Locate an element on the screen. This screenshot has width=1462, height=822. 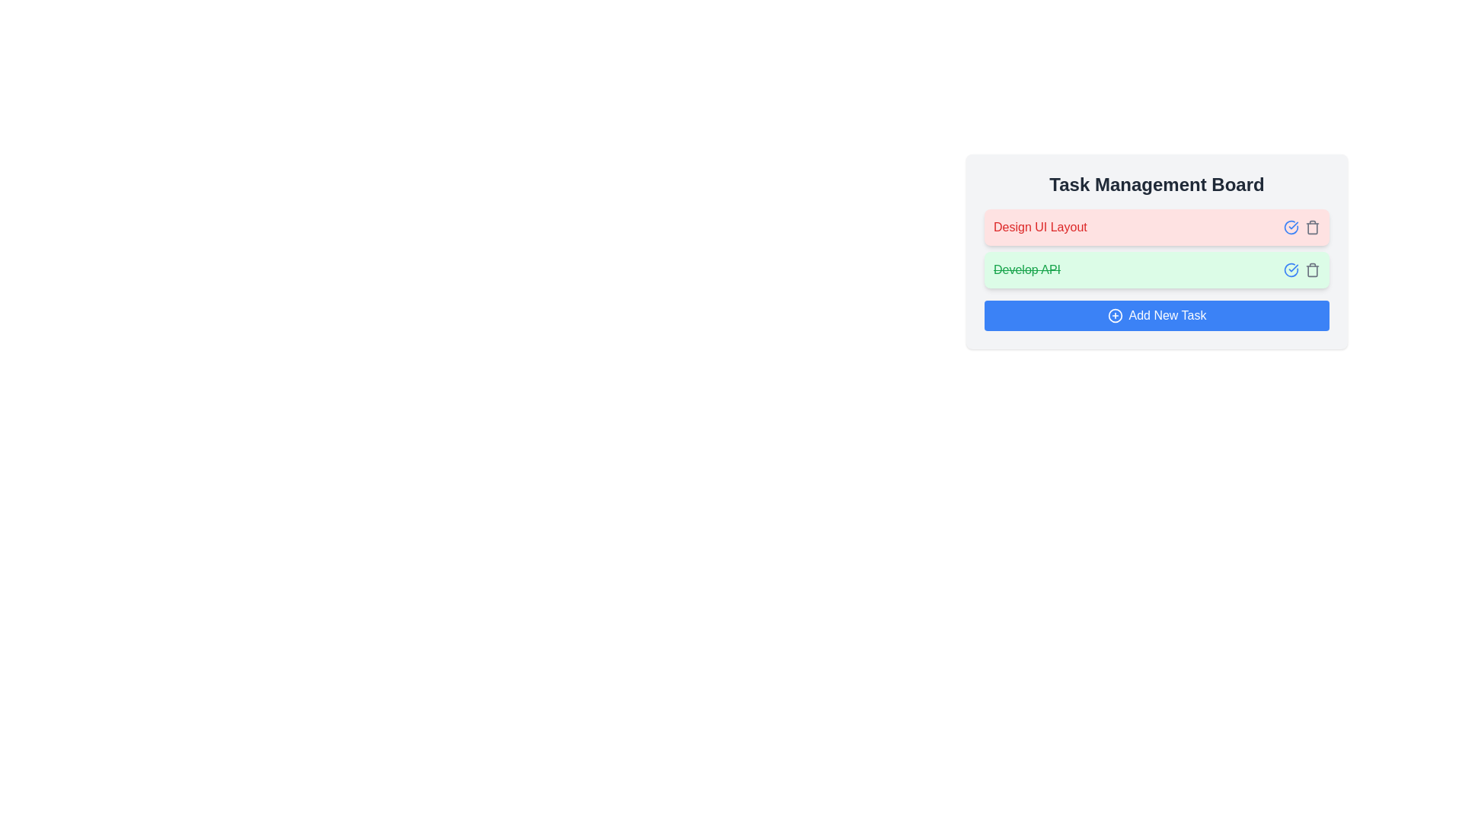
the completed task item labeled 'Develop API' with a green background to mark it as incomplete or to edit the task is located at coordinates (1157, 269).